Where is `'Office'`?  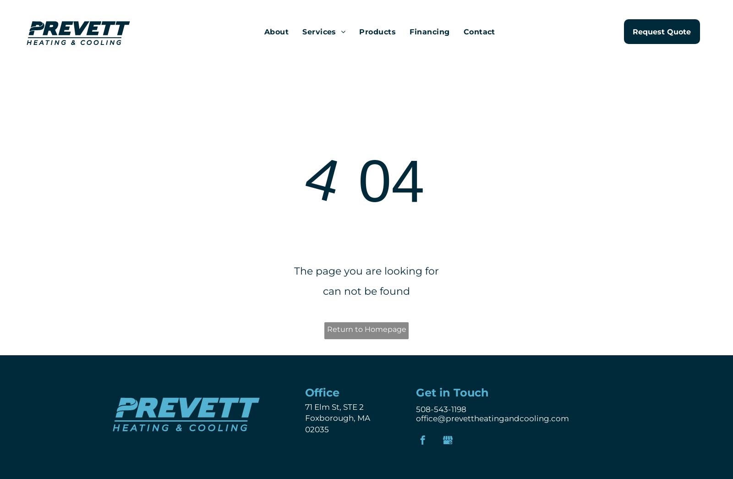 'Office' is located at coordinates (322, 391).